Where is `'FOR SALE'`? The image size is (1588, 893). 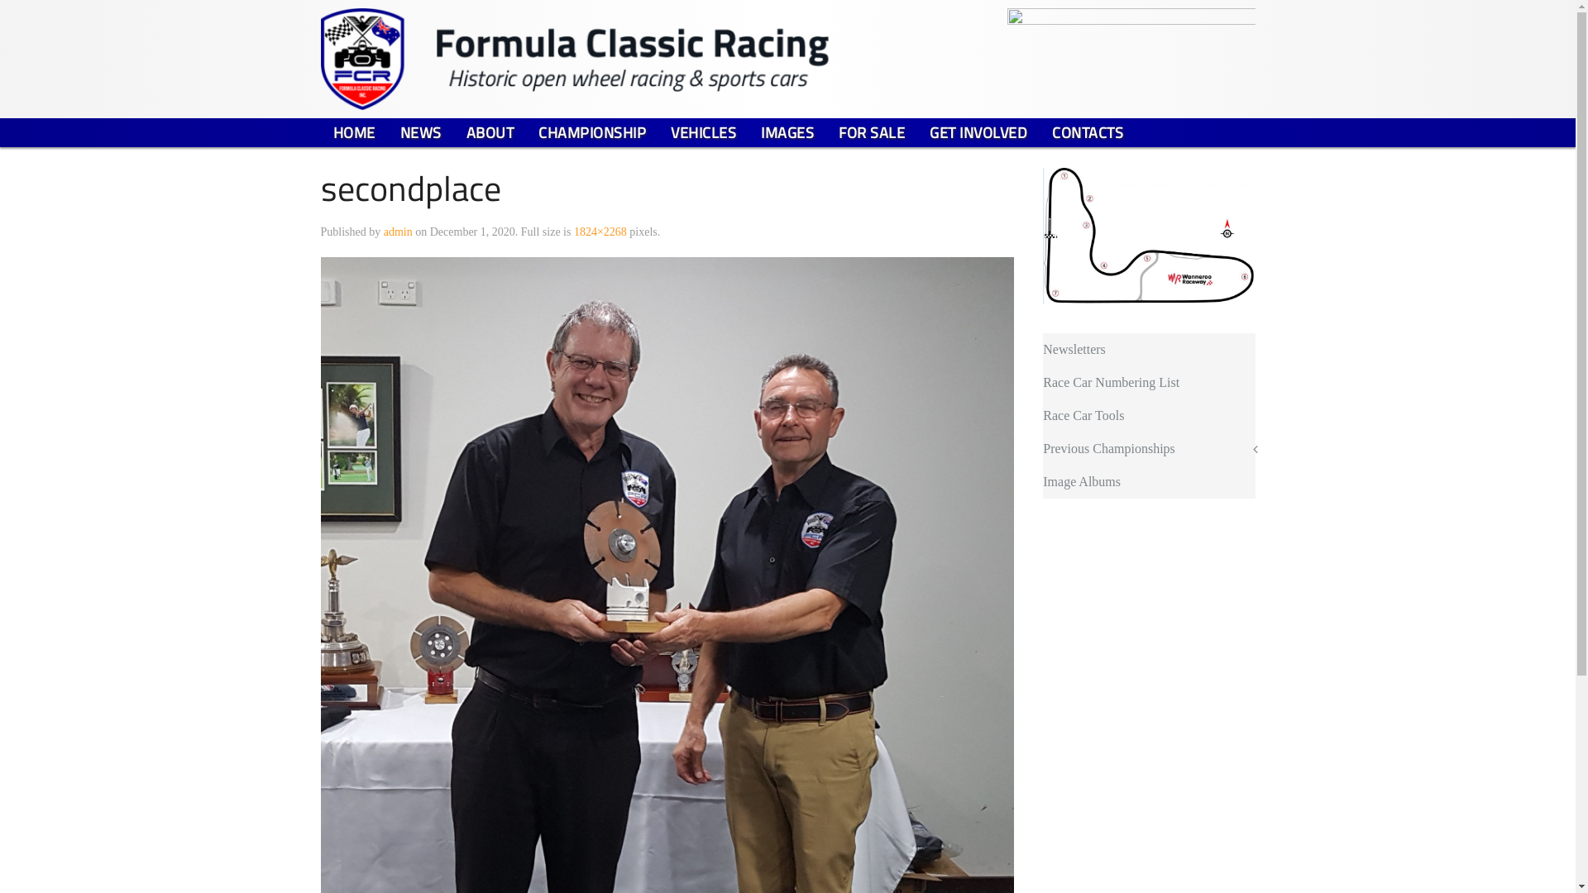
'FOR SALE' is located at coordinates (871, 131).